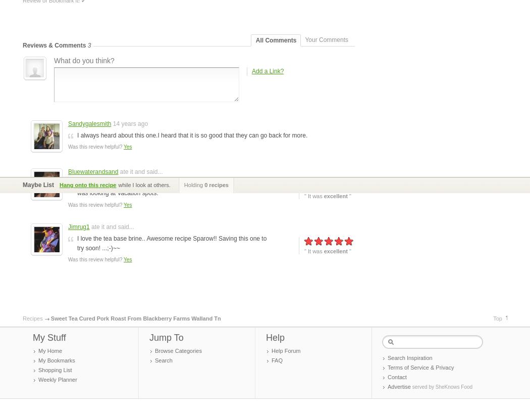 The height and width of the screenshot is (409, 530). I want to click on 'I love the tea base brine..  Awesome recipe Sparow!!  Saving this one to try soon! ...;-)~~', so click(171, 242).